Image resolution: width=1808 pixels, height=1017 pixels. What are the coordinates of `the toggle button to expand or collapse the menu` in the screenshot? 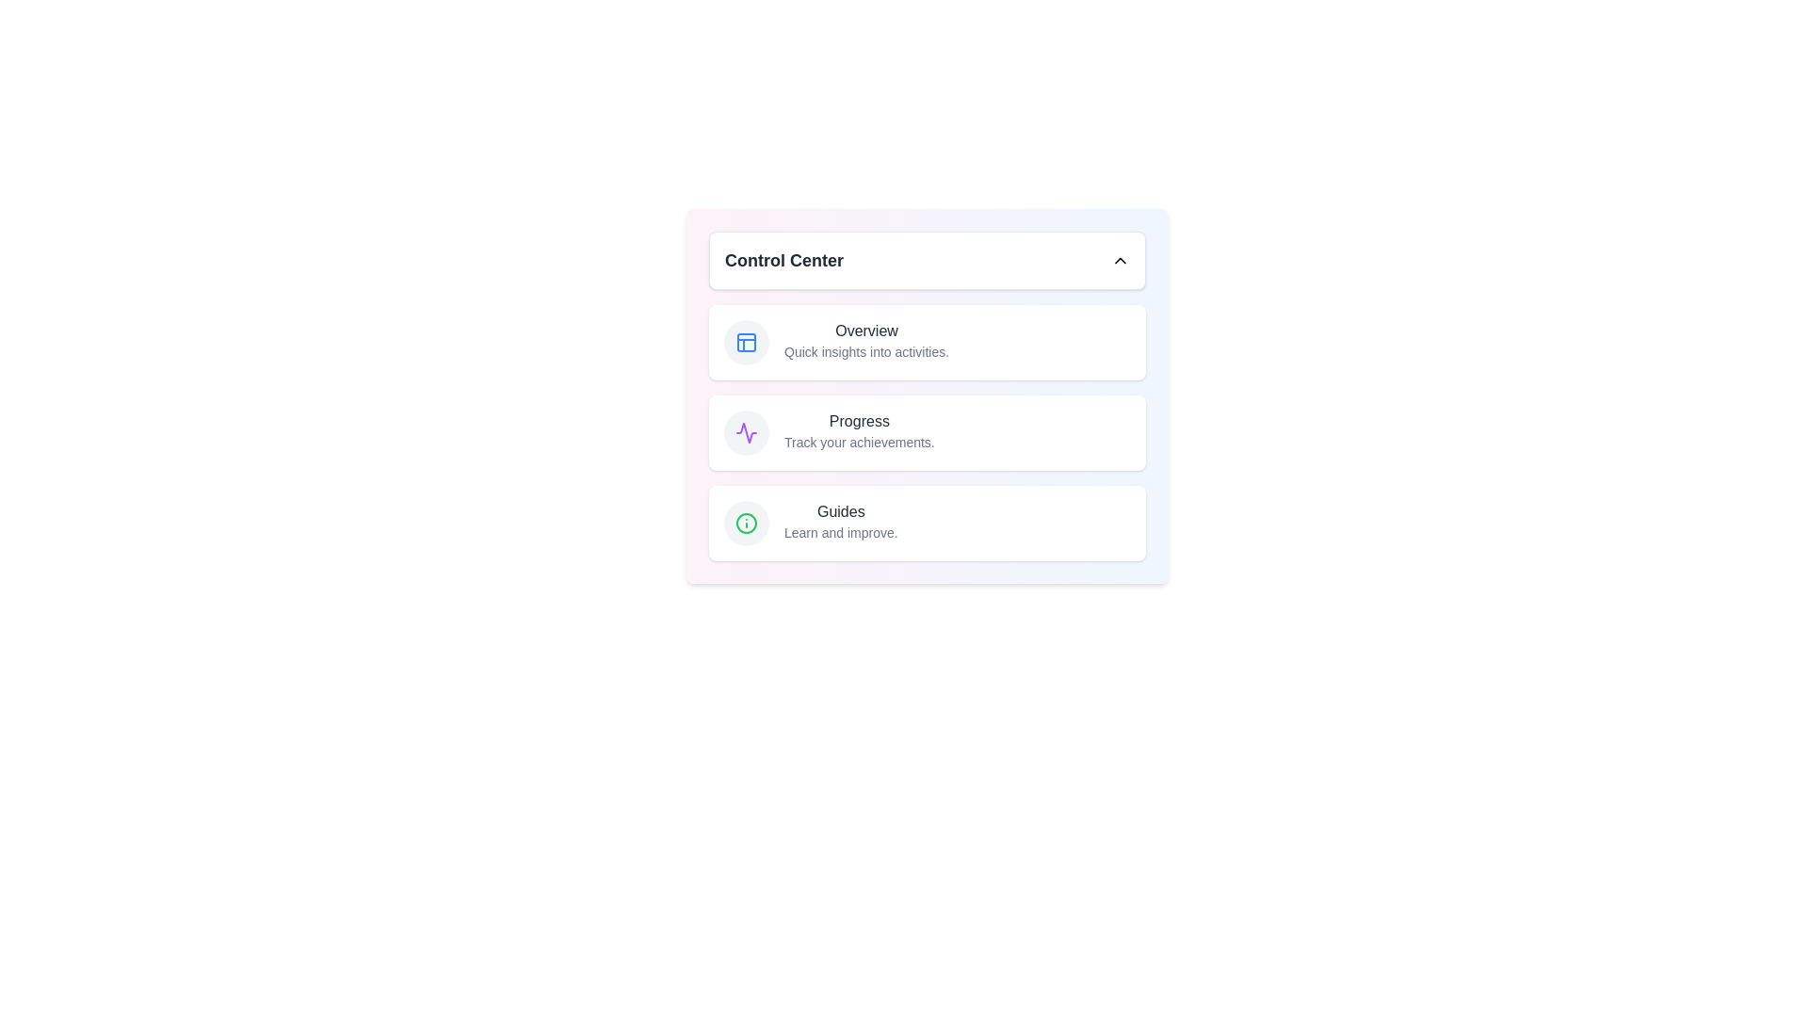 It's located at (927, 261).